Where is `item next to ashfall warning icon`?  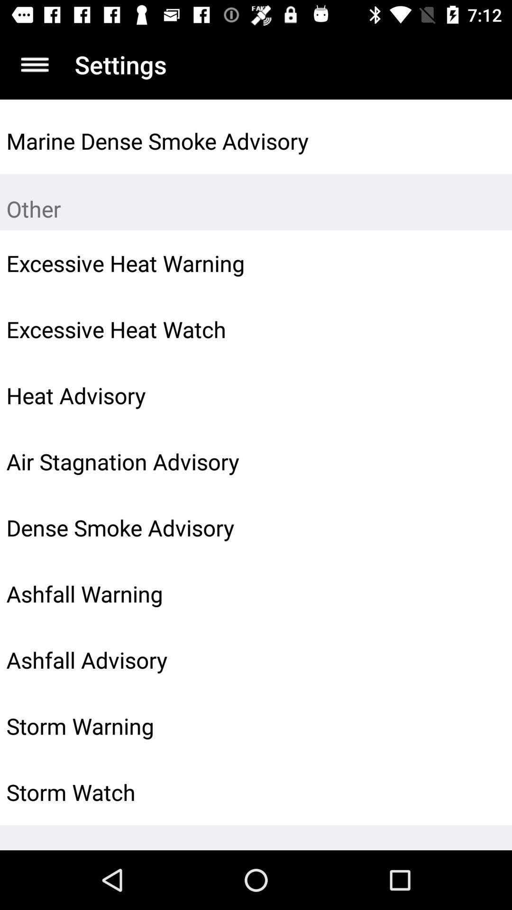
item next to ashfall warning icon is located at coordinates (482, 593).